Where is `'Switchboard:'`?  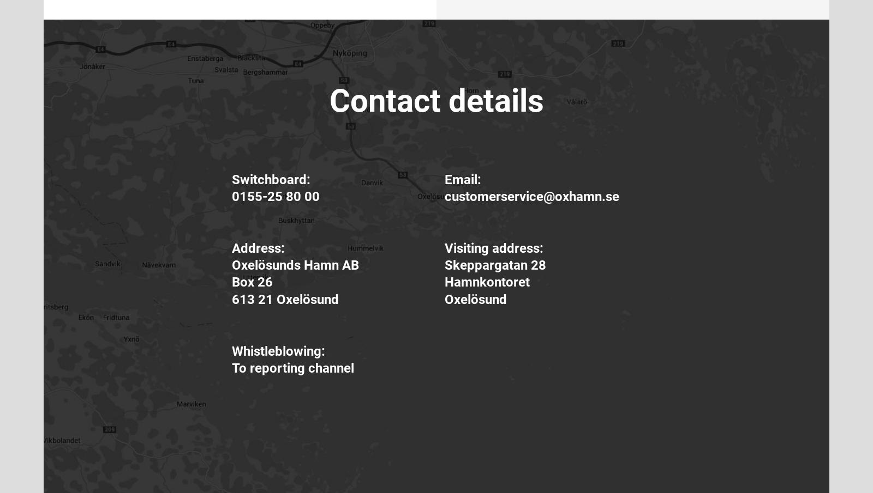 'Switchboard:' is located at coordinates (270, 178).